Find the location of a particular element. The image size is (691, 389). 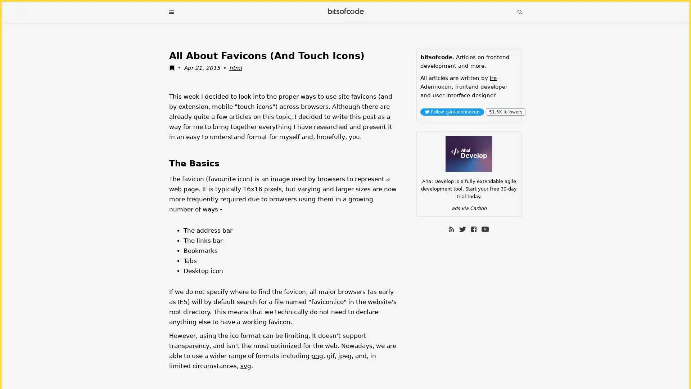

Open Site Navigation is located at coordinates (171, 12).